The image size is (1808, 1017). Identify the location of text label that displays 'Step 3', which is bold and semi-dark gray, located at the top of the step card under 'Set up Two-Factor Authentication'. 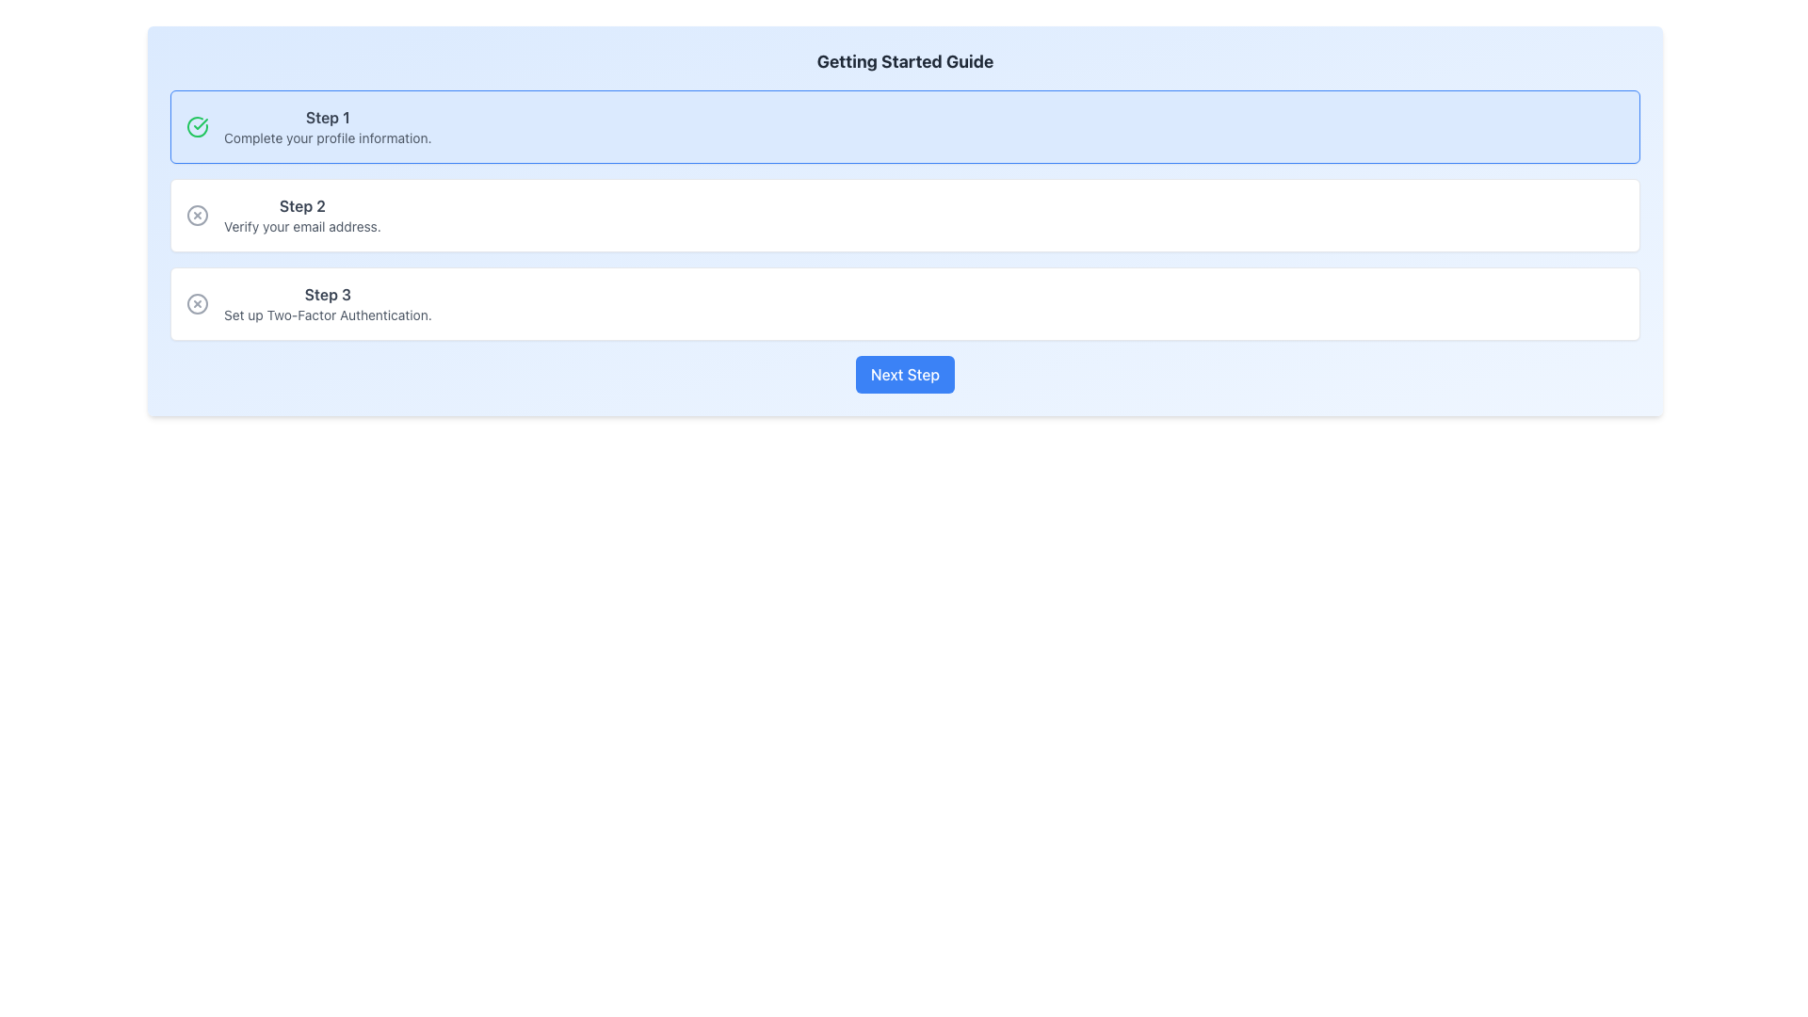
(328, 294).